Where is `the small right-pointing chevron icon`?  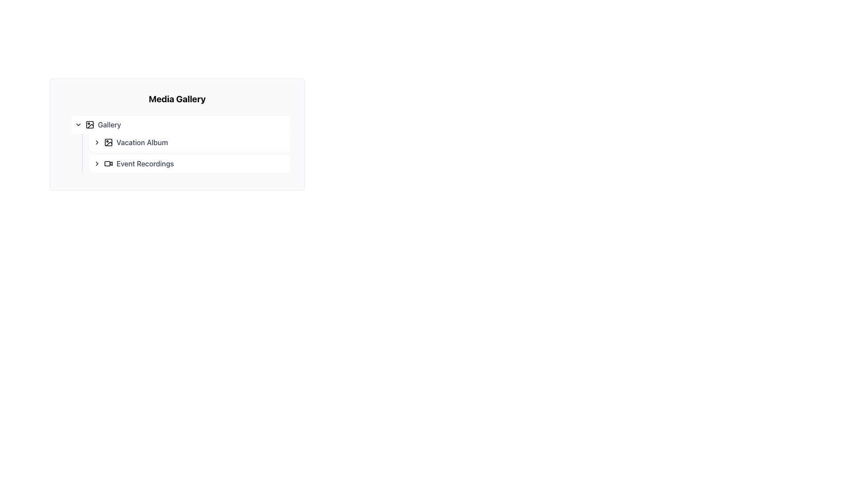 the small right-pointing chevron icon is located at coordinates (97, 142).